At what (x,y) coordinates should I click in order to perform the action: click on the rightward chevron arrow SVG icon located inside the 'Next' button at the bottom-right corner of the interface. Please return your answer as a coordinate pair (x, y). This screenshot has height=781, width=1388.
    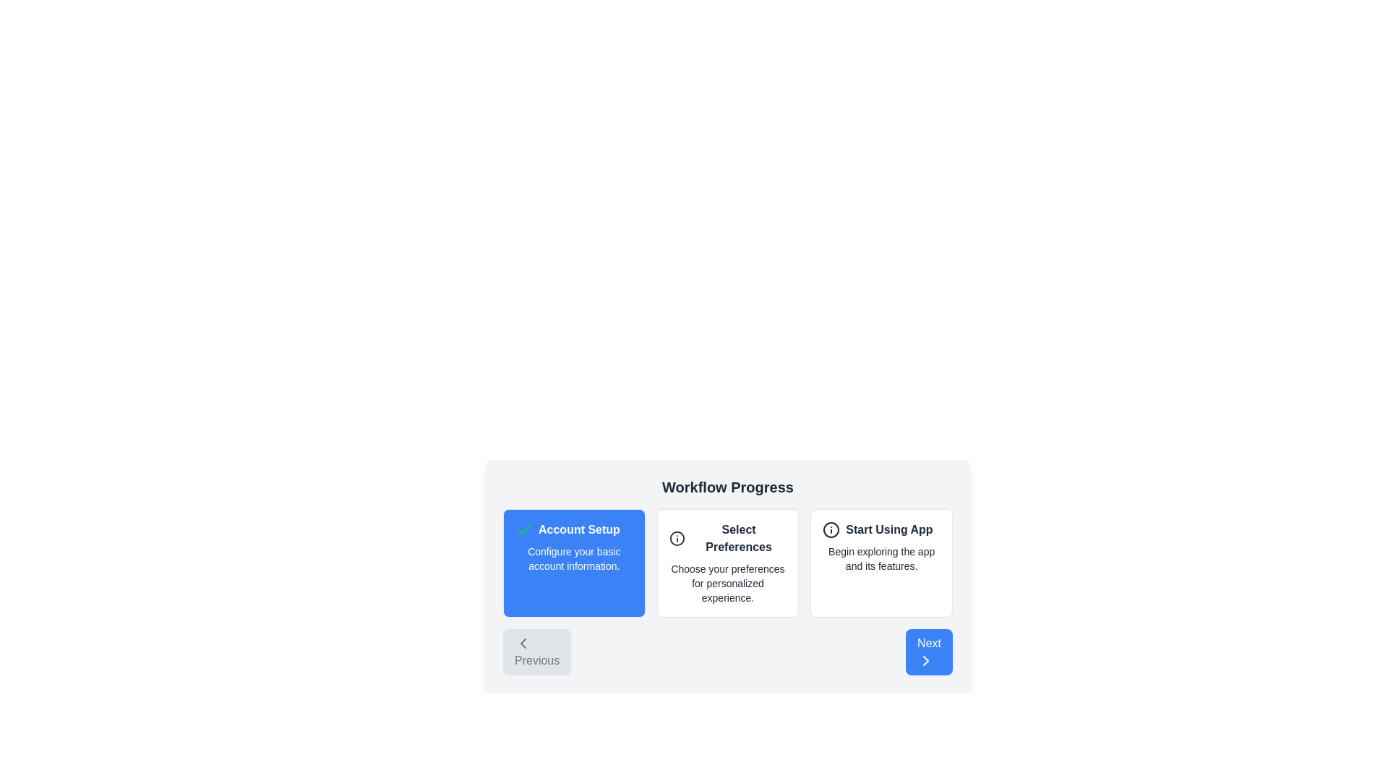
    Looking at the image, I should click on (926, 661).